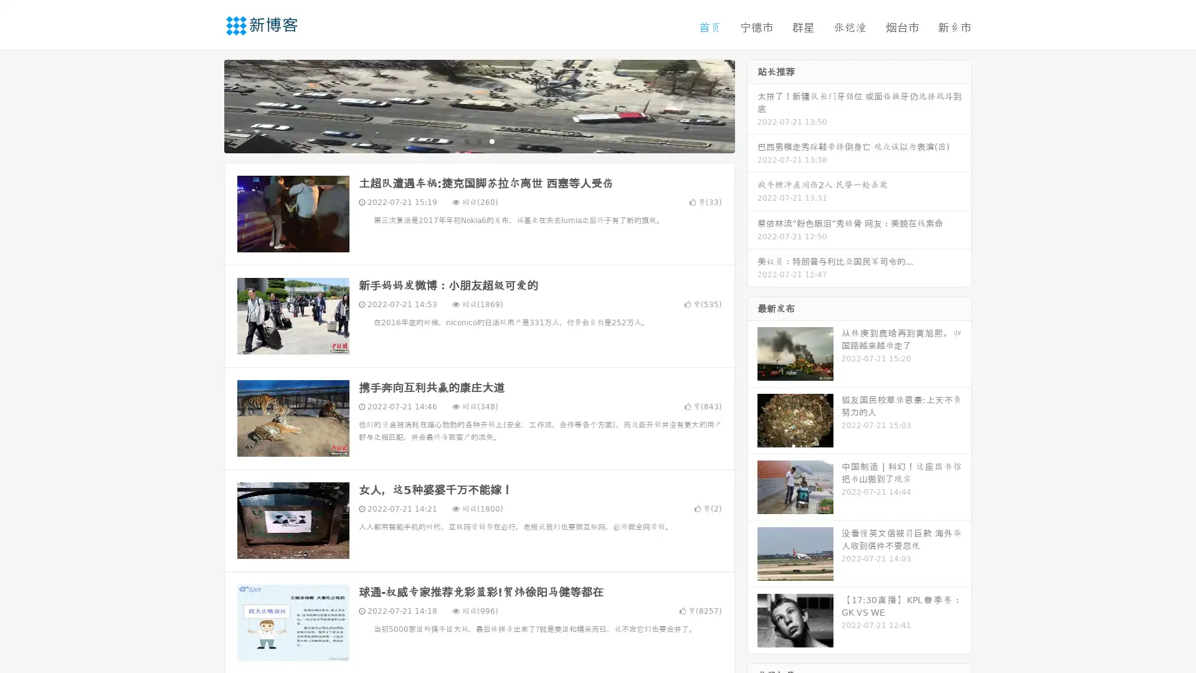 This screenshot has width=1196, height=673. What do you see at coordinates (478, 140) in the screenshot?
I see `Go to slide 2` at bounding box center [478, 140].